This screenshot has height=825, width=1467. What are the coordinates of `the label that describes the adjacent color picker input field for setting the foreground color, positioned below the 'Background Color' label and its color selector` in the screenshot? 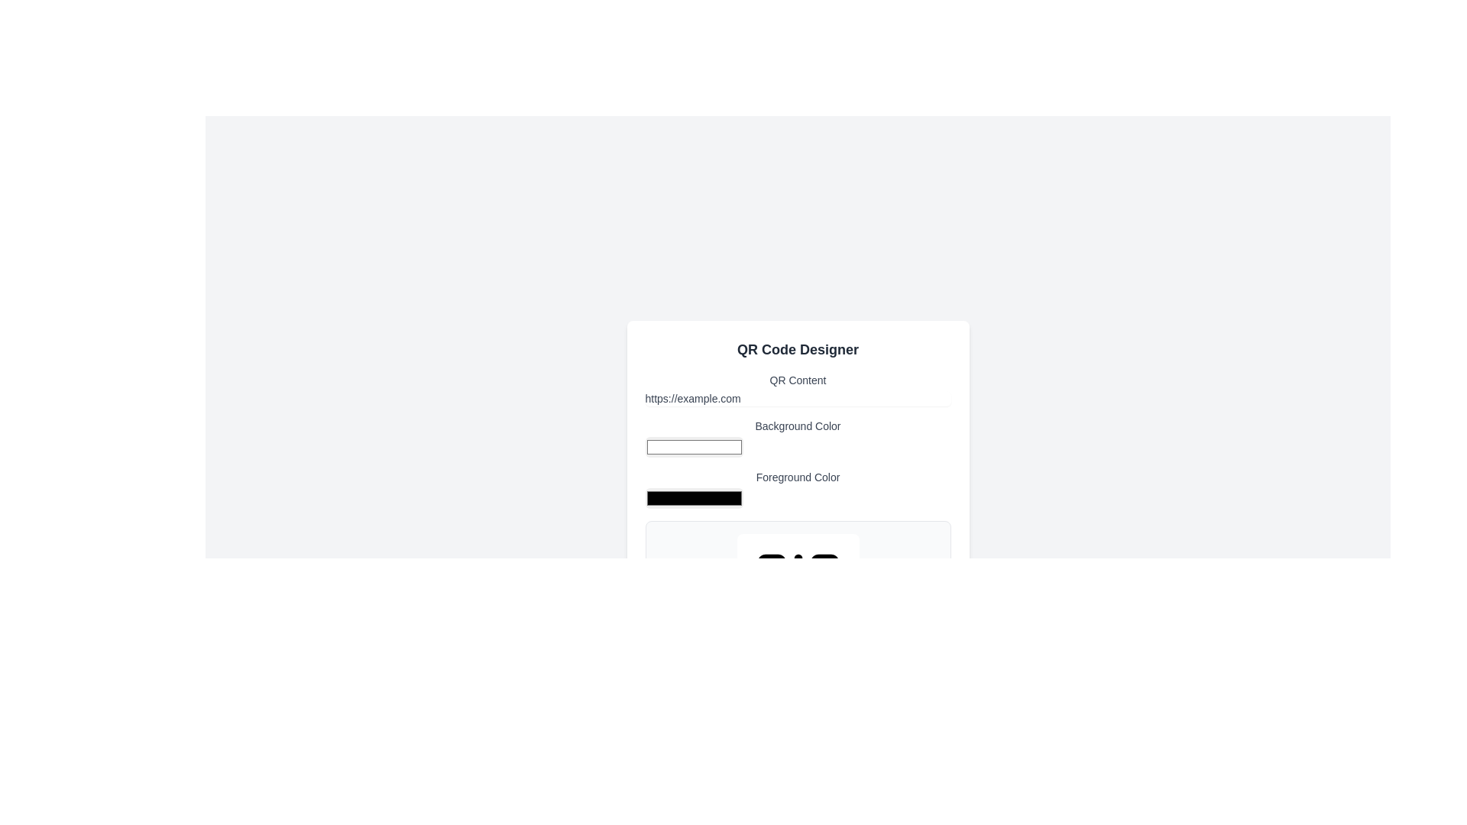 It's located at (797, 489).